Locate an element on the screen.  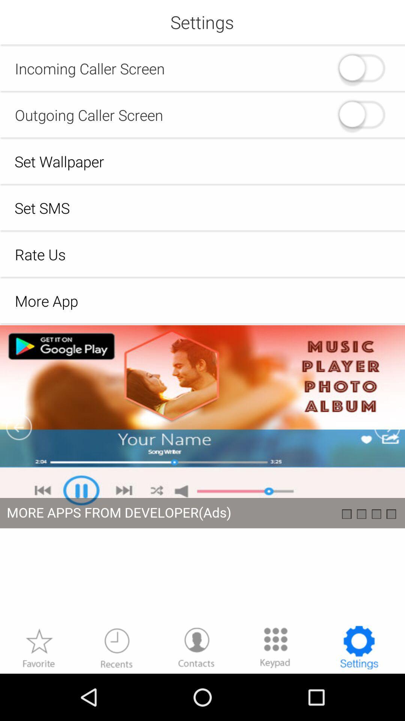
settings is located at coordinates (358, 647).